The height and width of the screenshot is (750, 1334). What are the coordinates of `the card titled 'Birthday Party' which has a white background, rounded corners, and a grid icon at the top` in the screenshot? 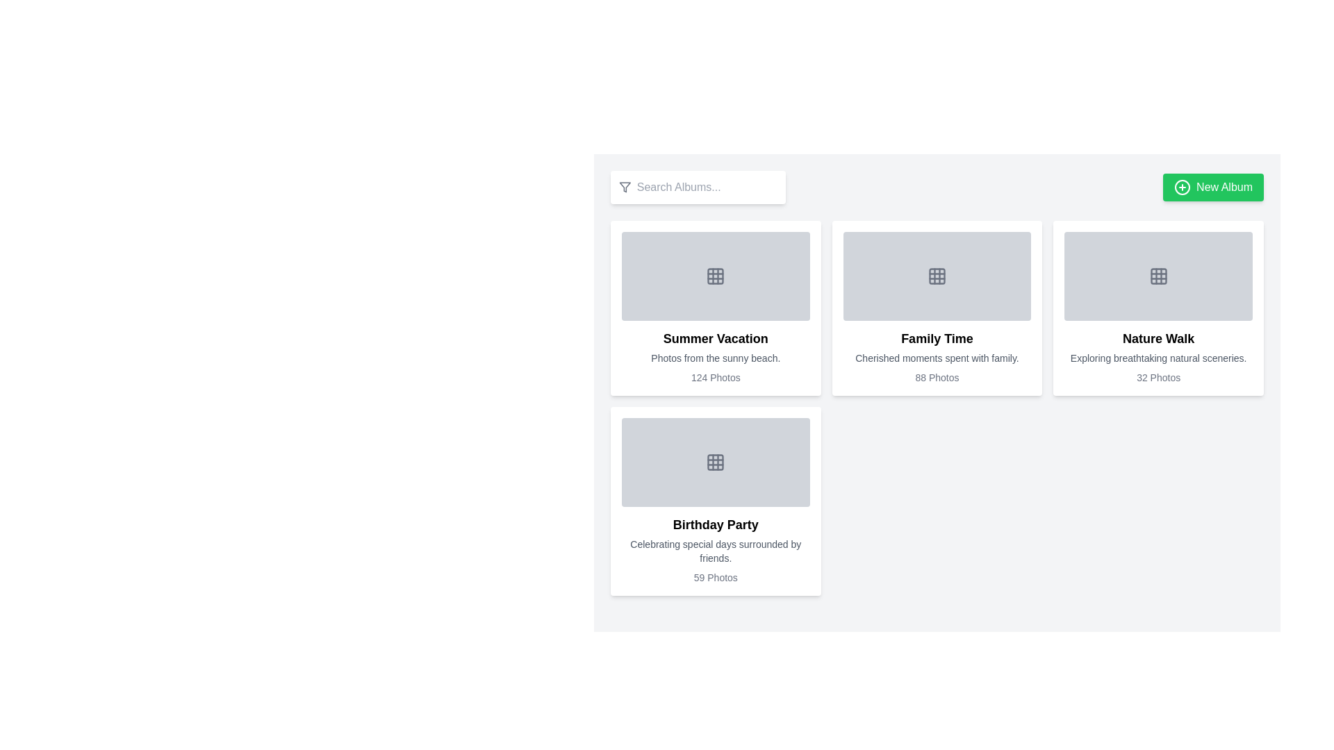 It's located at (716, 501).